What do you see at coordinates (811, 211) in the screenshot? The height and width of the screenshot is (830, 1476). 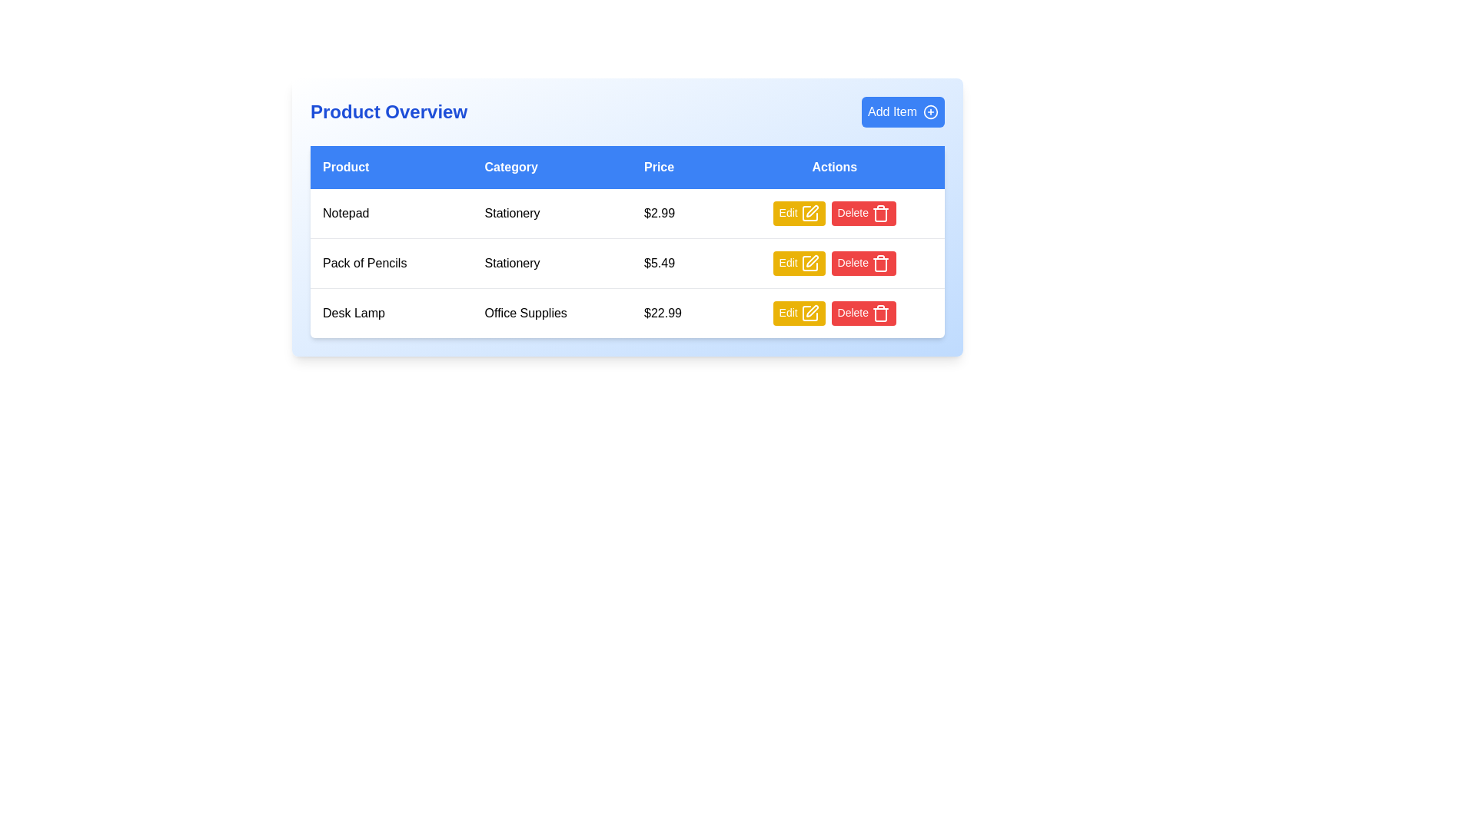 I see `the pencil-shaped icon within the 'Edit' button in the 'Actions' column` at bounding box center [811, 211].